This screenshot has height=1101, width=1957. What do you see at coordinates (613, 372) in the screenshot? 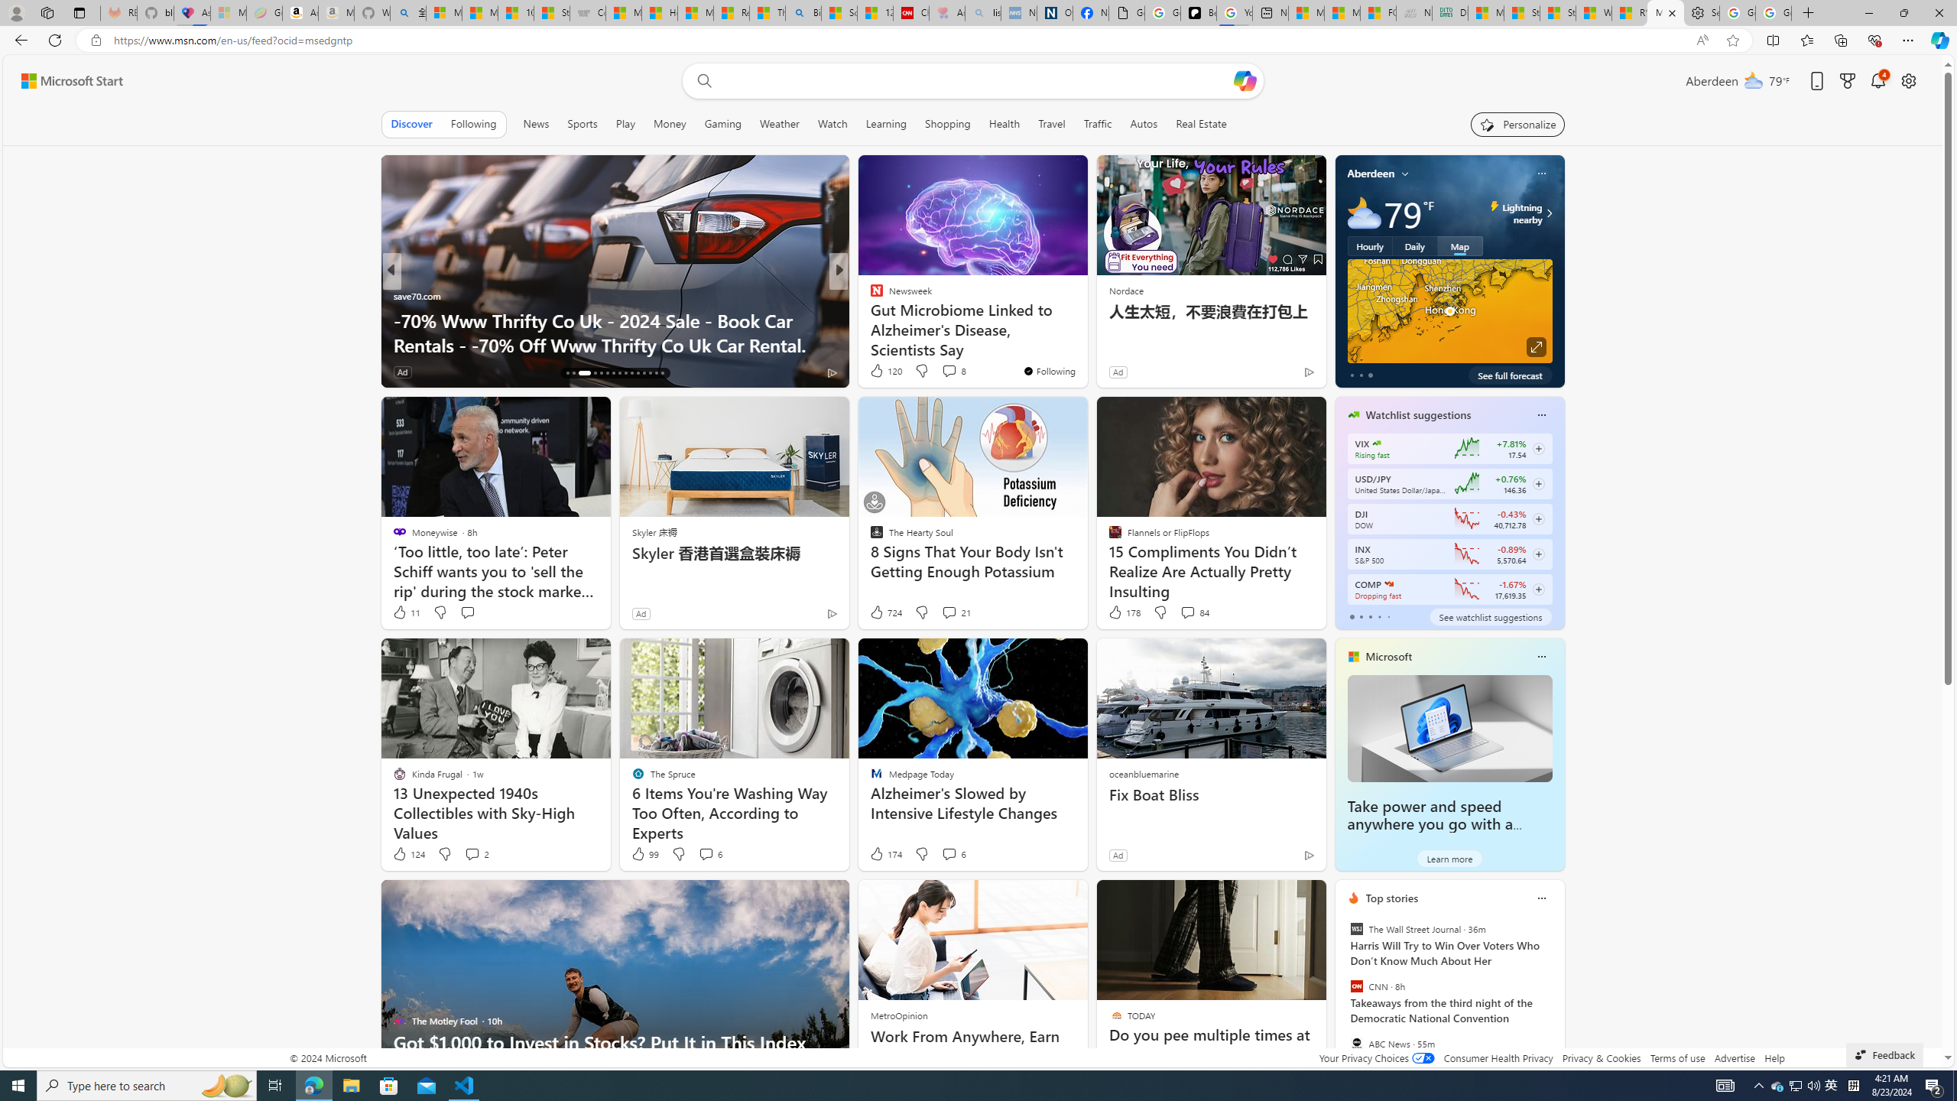
I see `'AutomationID: tab-22'` at bounding box center [613, 372].